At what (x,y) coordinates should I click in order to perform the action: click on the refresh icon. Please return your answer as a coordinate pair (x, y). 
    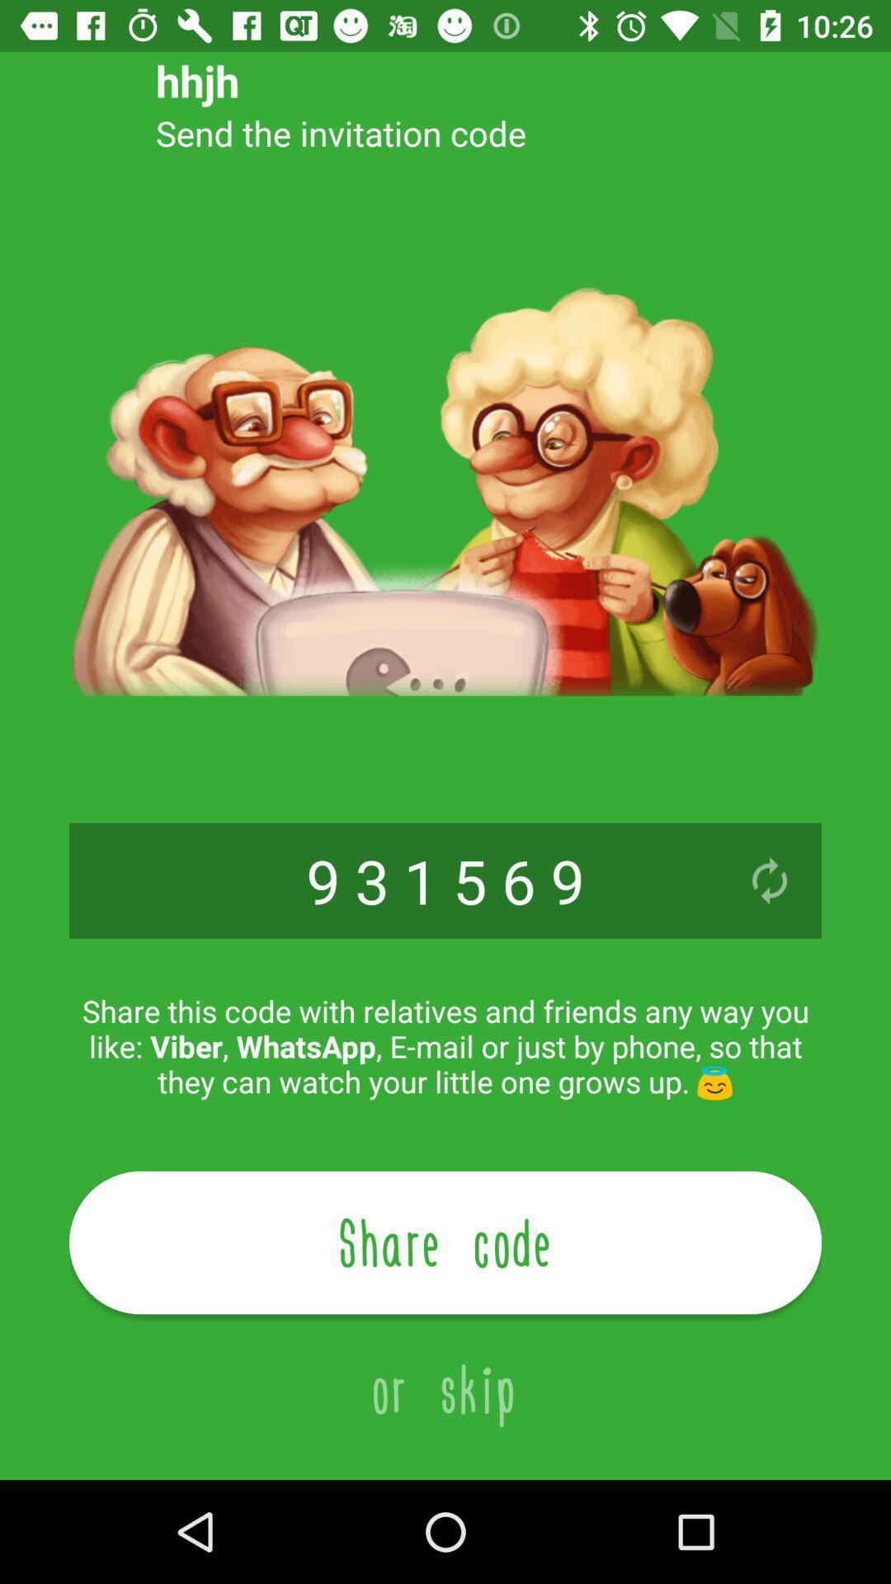
    Looking at the image, I should click on (770, 879).